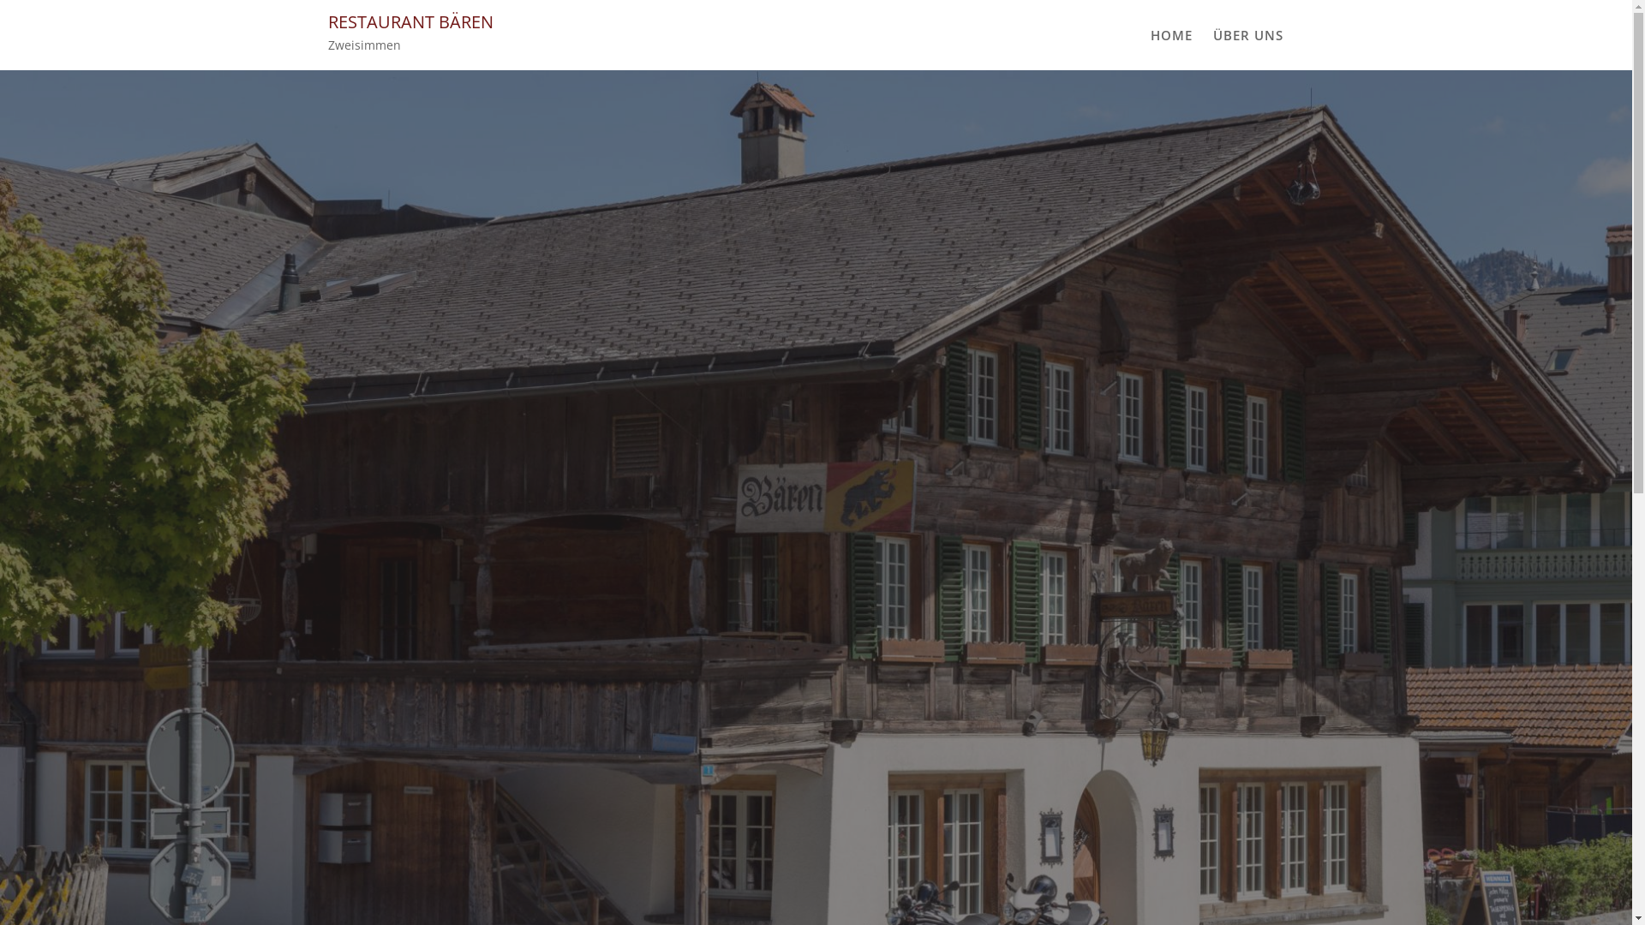 This screenshot has width=1645, height=925. Describe the element at coordinates (1169, 35) in the screenshot. I see `'HOME'` at that location.